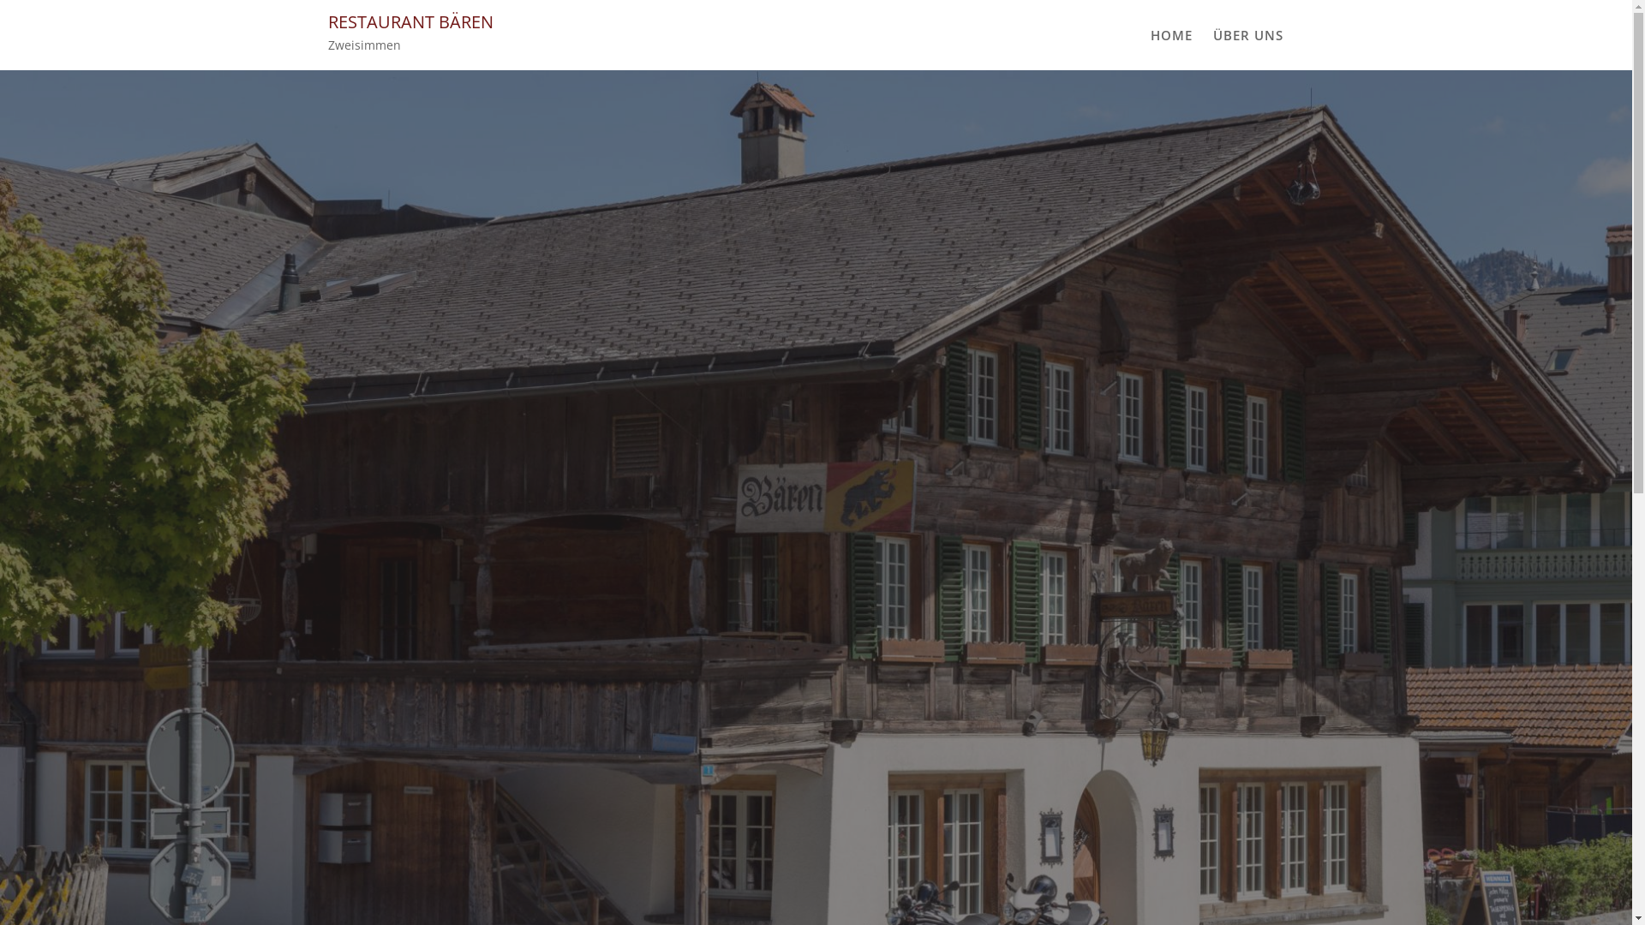 This screenshot has width=1645, height=925. Describe the element at coordinates (1169, 35) in the screenshot. I see `'HOME'` at that location.